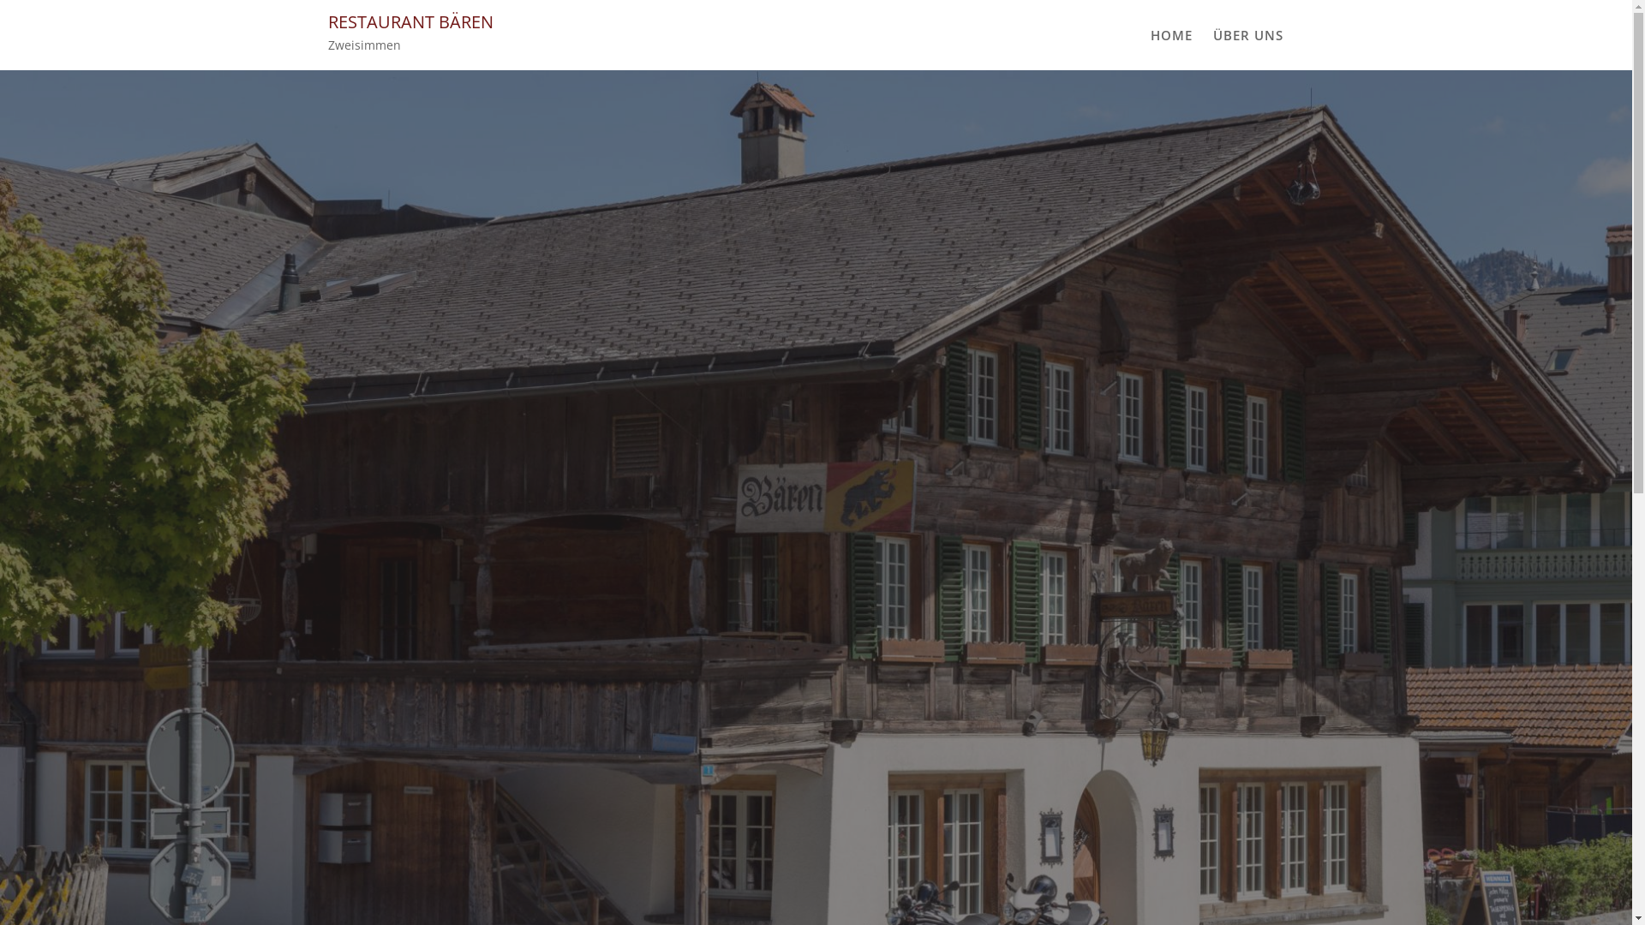 This screenshot has width=1645, height=925. Describe the element at coordinates (1169, 35) in the screenshot. I see `'HOME'` at that location.